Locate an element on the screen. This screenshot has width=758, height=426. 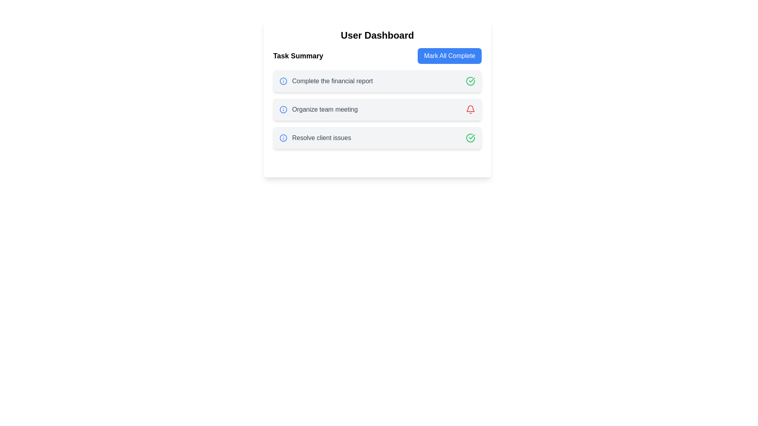
the circular informational icon with a blue outline and a white background, displaying an uppercase 'I', located to the left of the 'Organize team meeting' list item in the 'Task Summary' section is located at coordinates (283, 109).